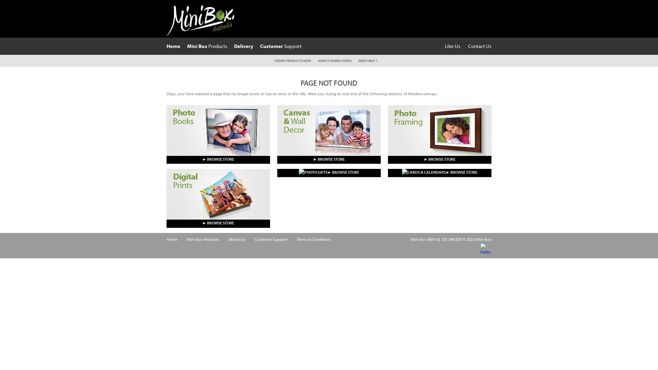  Describe the element at coordinates (173, 46) in the screenshot. I see `'Home'` at that location.